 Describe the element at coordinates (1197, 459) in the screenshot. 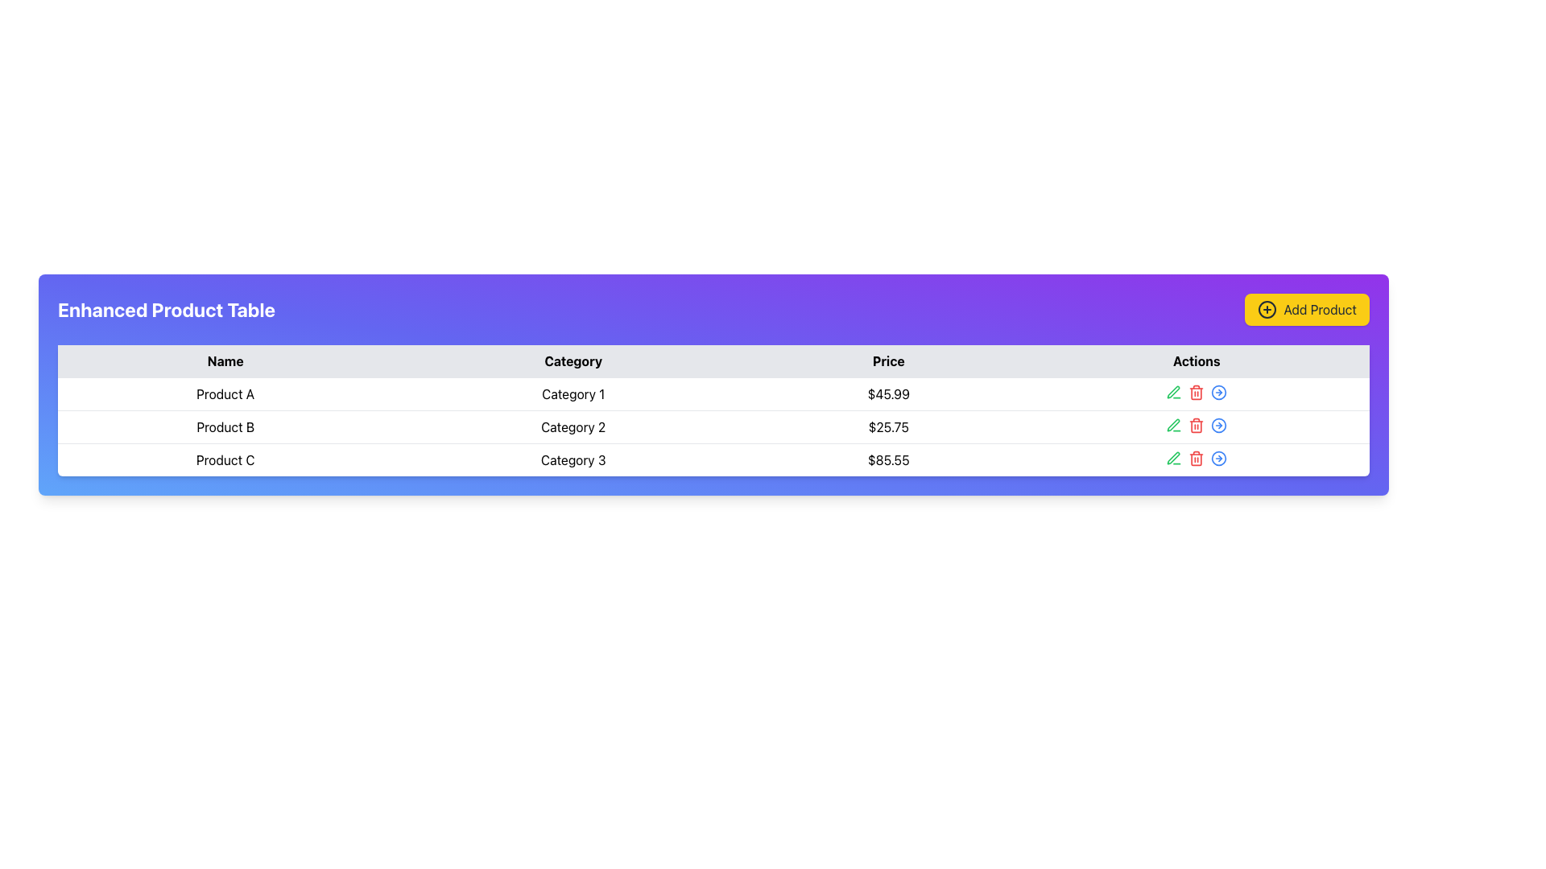

I see `the delete button styled as an icon located in the 'Actions' column of the table for 'Product C'` at that location.